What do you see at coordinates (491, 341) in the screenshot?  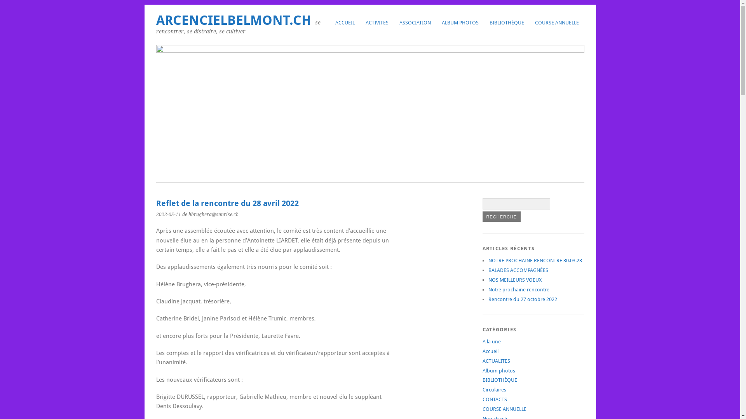 I see `'A la une'` at bounding box center [491, 341].